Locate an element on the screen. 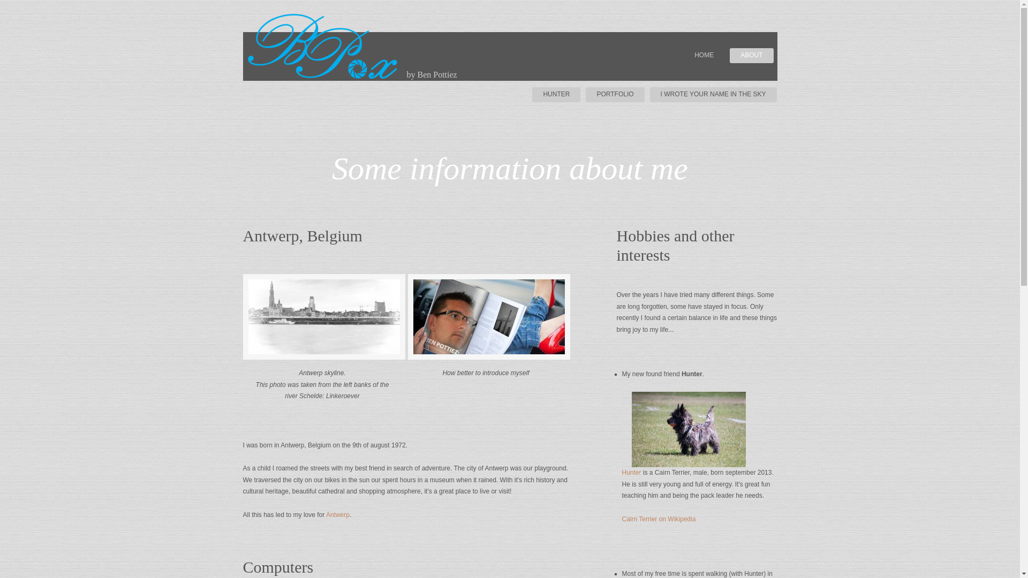 The image size is (1028, 578). 'Antwerp' is located at coordinates (337, 514).